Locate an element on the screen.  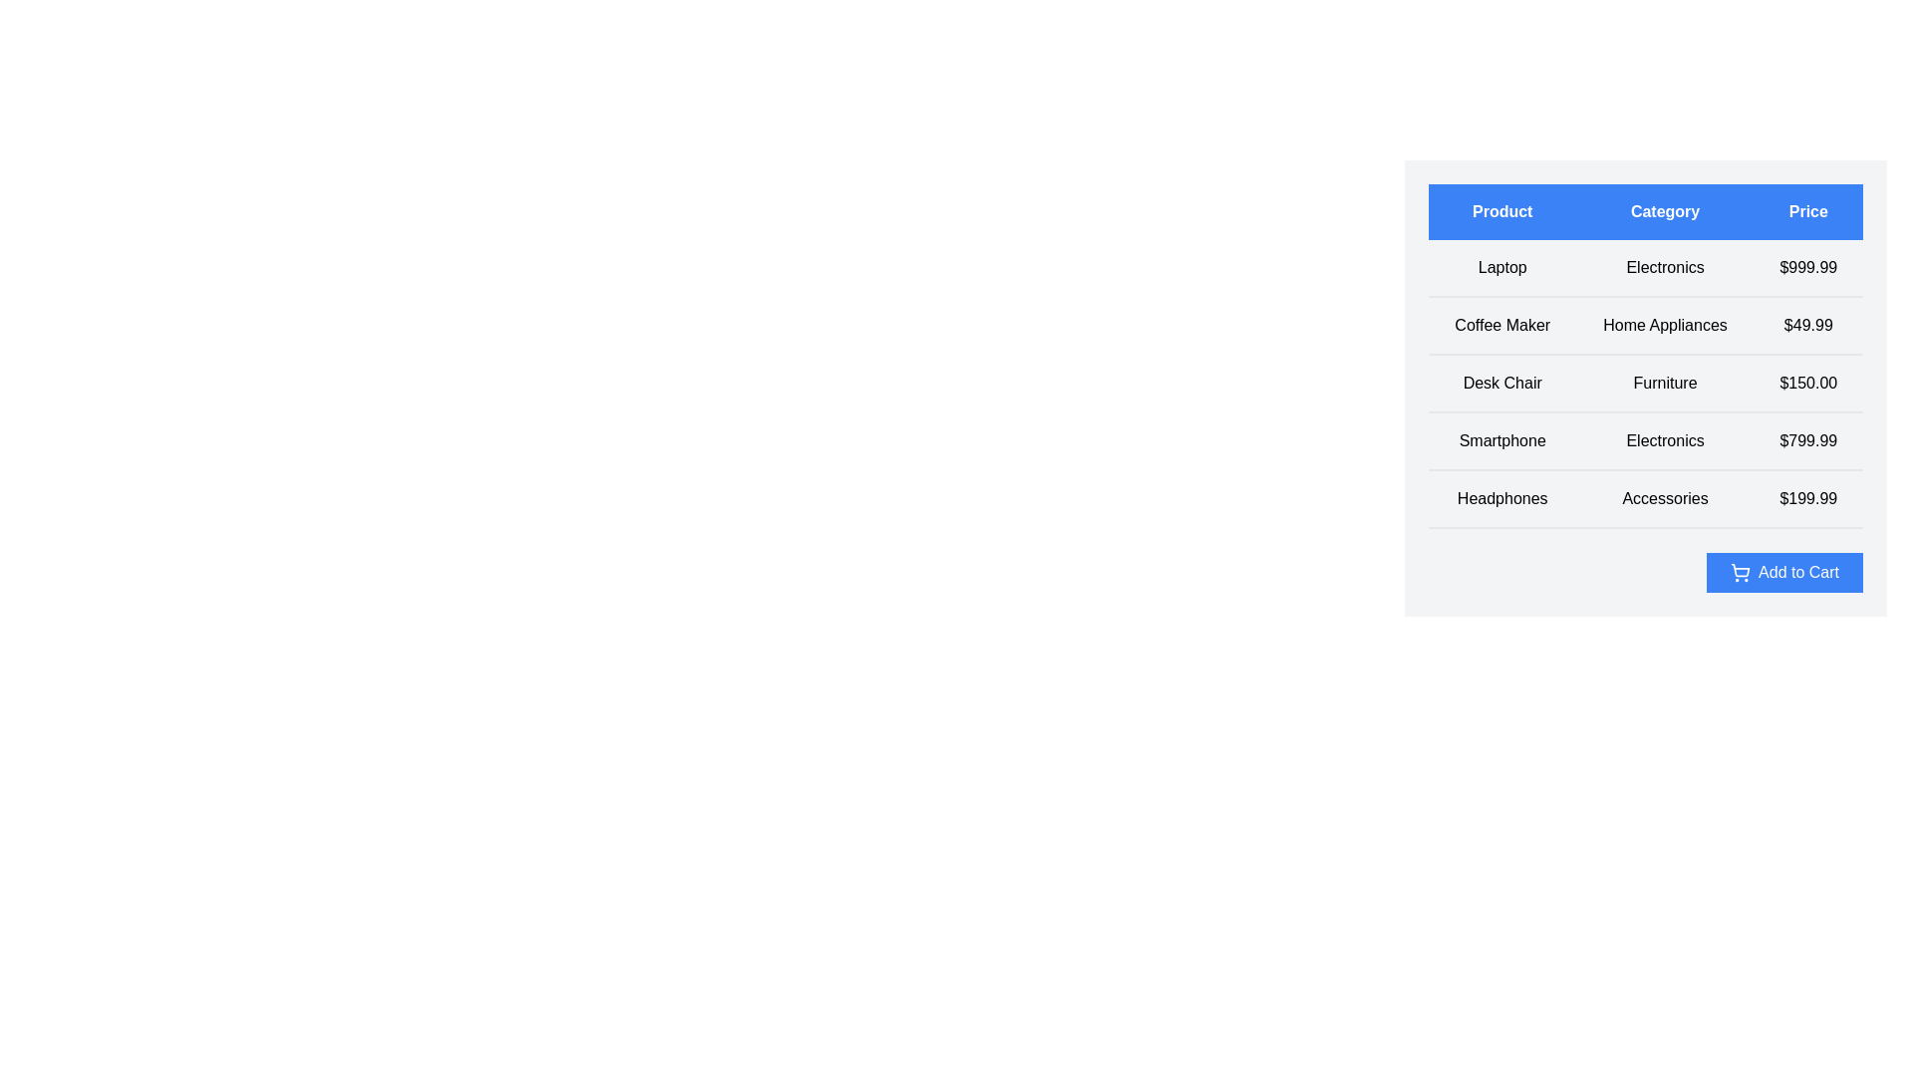
the 'Category' header label in the table, which is the second item in the header bar positioned at the top of the table interface is located at coordinates (1665, 211).